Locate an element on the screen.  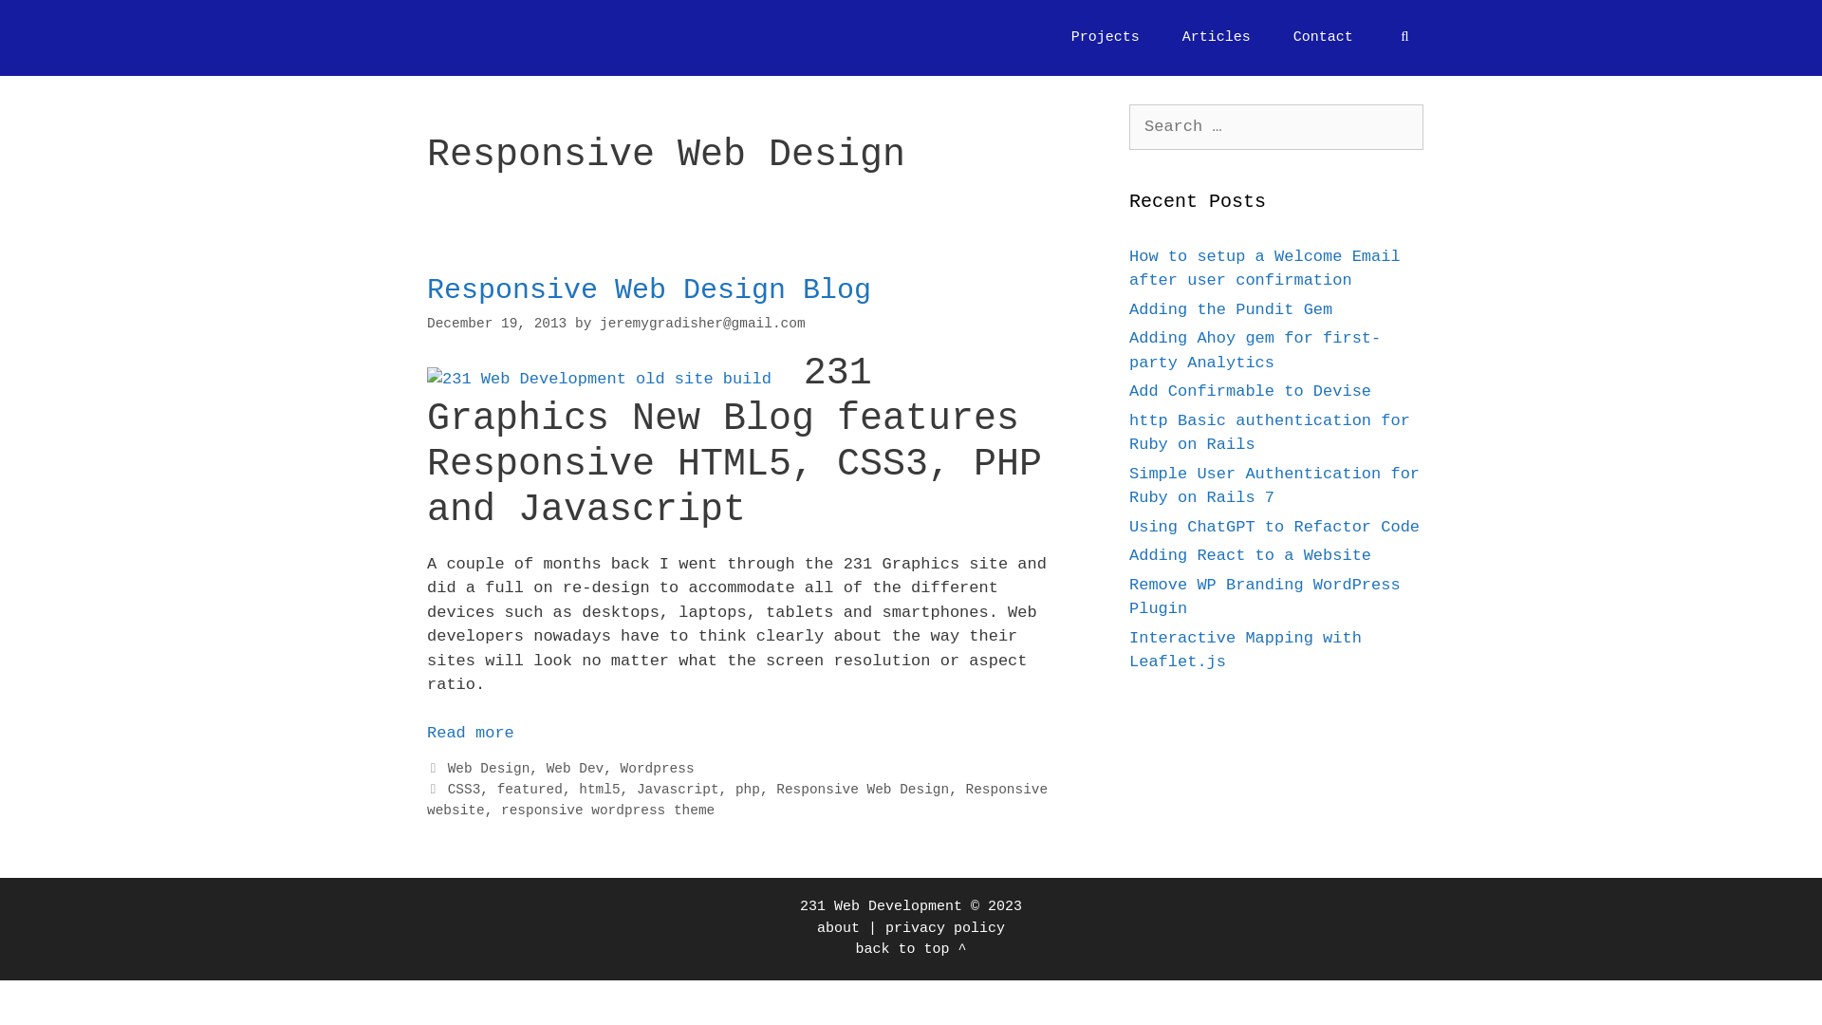
'featured' is located at coordinates (496, 790).